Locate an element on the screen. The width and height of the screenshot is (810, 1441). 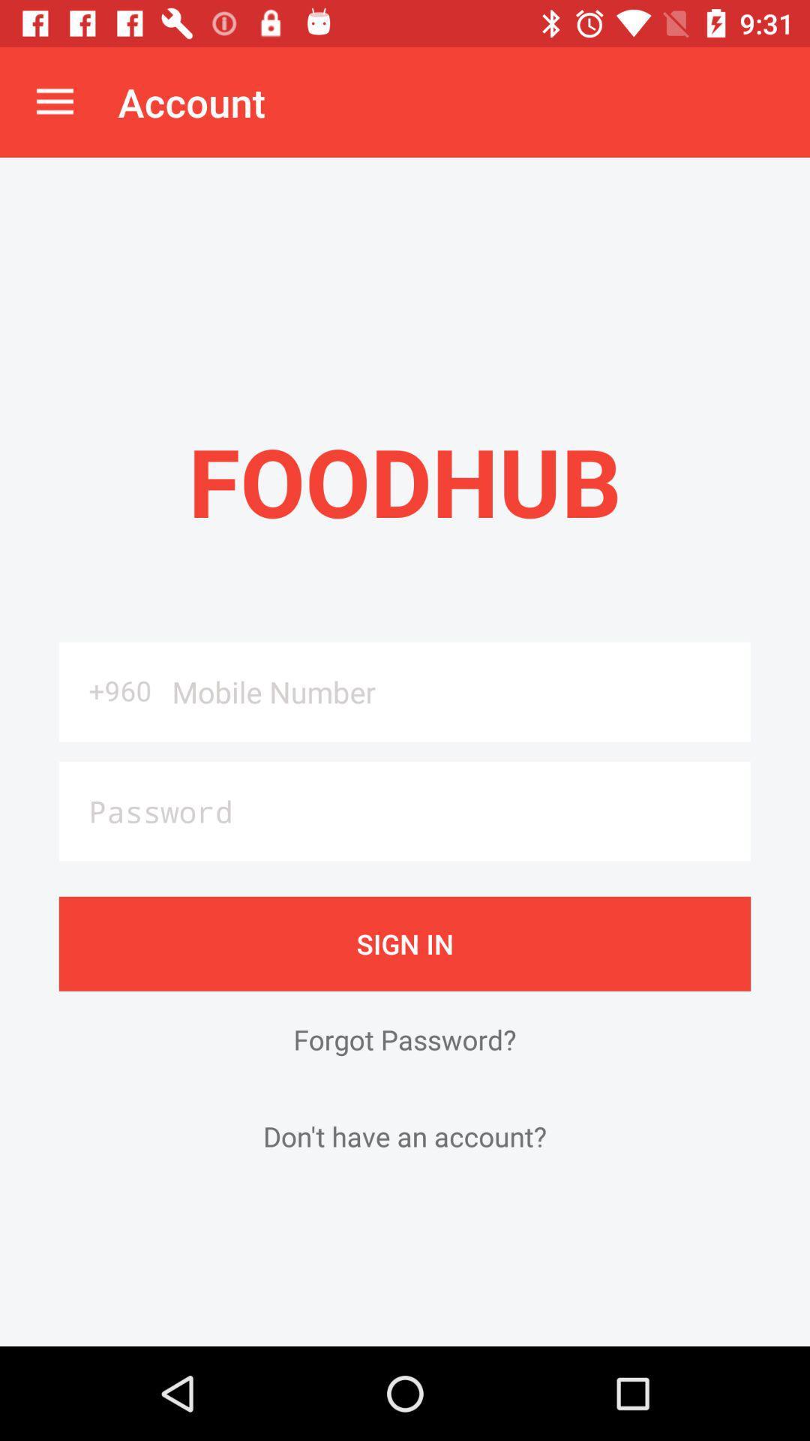
icon above +960 item is located at coordinates (54, 101).